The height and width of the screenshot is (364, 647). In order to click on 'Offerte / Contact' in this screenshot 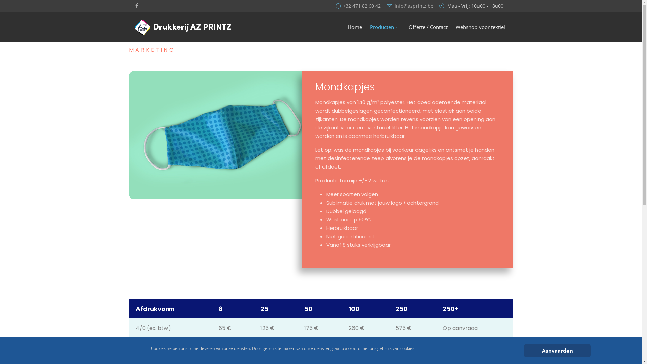, I will do `click(427, 27)`.